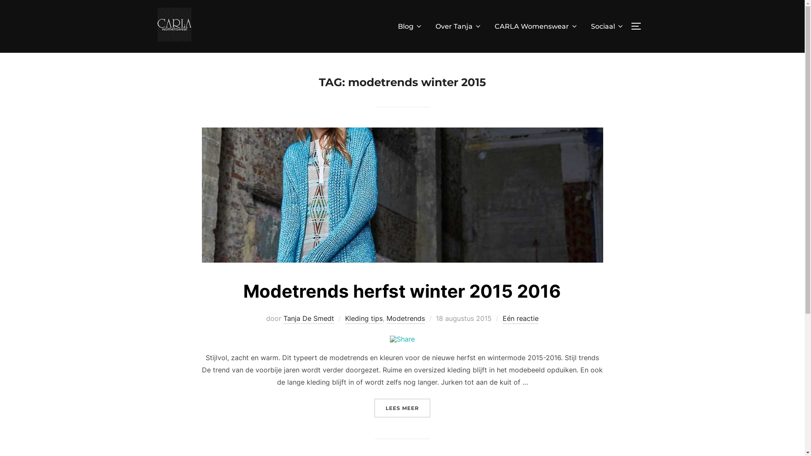 The width and height of the screenshot is (811, 456). Describe the element at coordinates (639, 25) in the screenshot. I see `'TOGGLE ZIJBALK & NAVIGATIE'` at that location.